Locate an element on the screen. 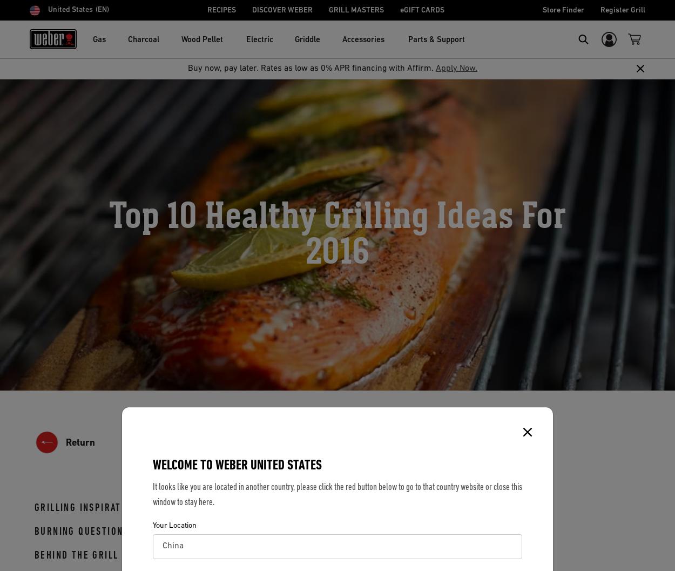 The width and height of the screenshot is (675, 571). 'Parts & Support' is located at coordinates (436, 39).